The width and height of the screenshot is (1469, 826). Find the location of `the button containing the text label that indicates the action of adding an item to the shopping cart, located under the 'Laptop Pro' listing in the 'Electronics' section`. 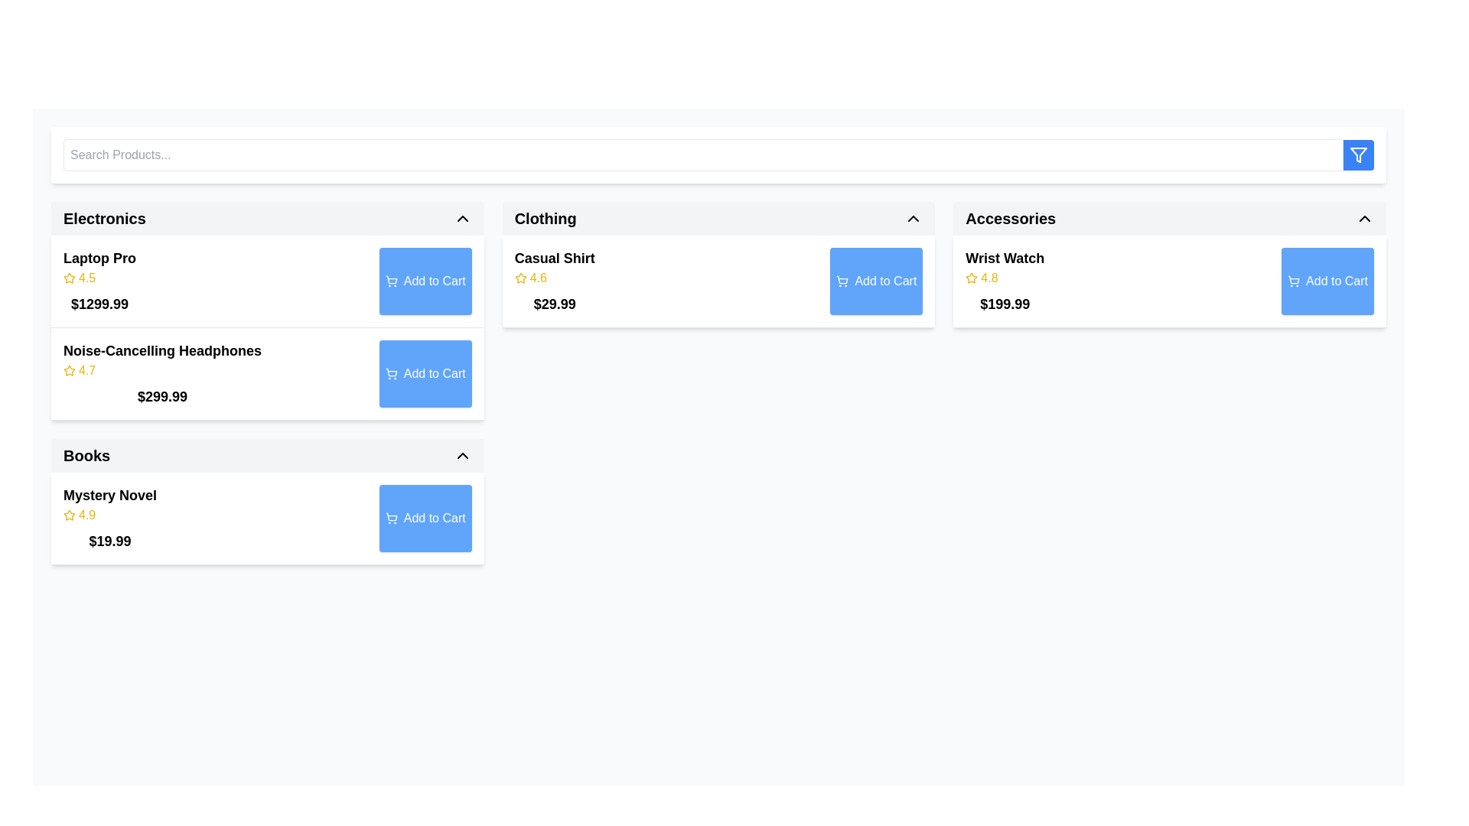

the button containing the text label that indicates the action of adding an item to the shopping cart, located under the 'Laptop Pro' listing in the 'Electronics' section is located at coordinates (434, 281).